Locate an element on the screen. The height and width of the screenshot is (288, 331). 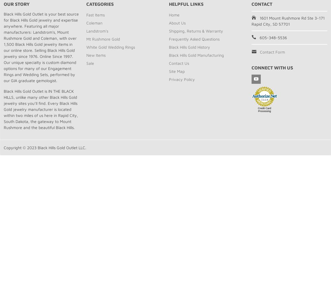
'Black Hills Gold Outlet is IN THE BLACK HILLS, unlike many other Black Hills Gold jewelry sites you’ll find. Every Black Hills Gold jewelry manufacturer is located within two miles of us here in Rapid City, South Dakota, the gateway to Mount Rushmore and the beautiful Black Hills.' is located at coordinates (41, 109).